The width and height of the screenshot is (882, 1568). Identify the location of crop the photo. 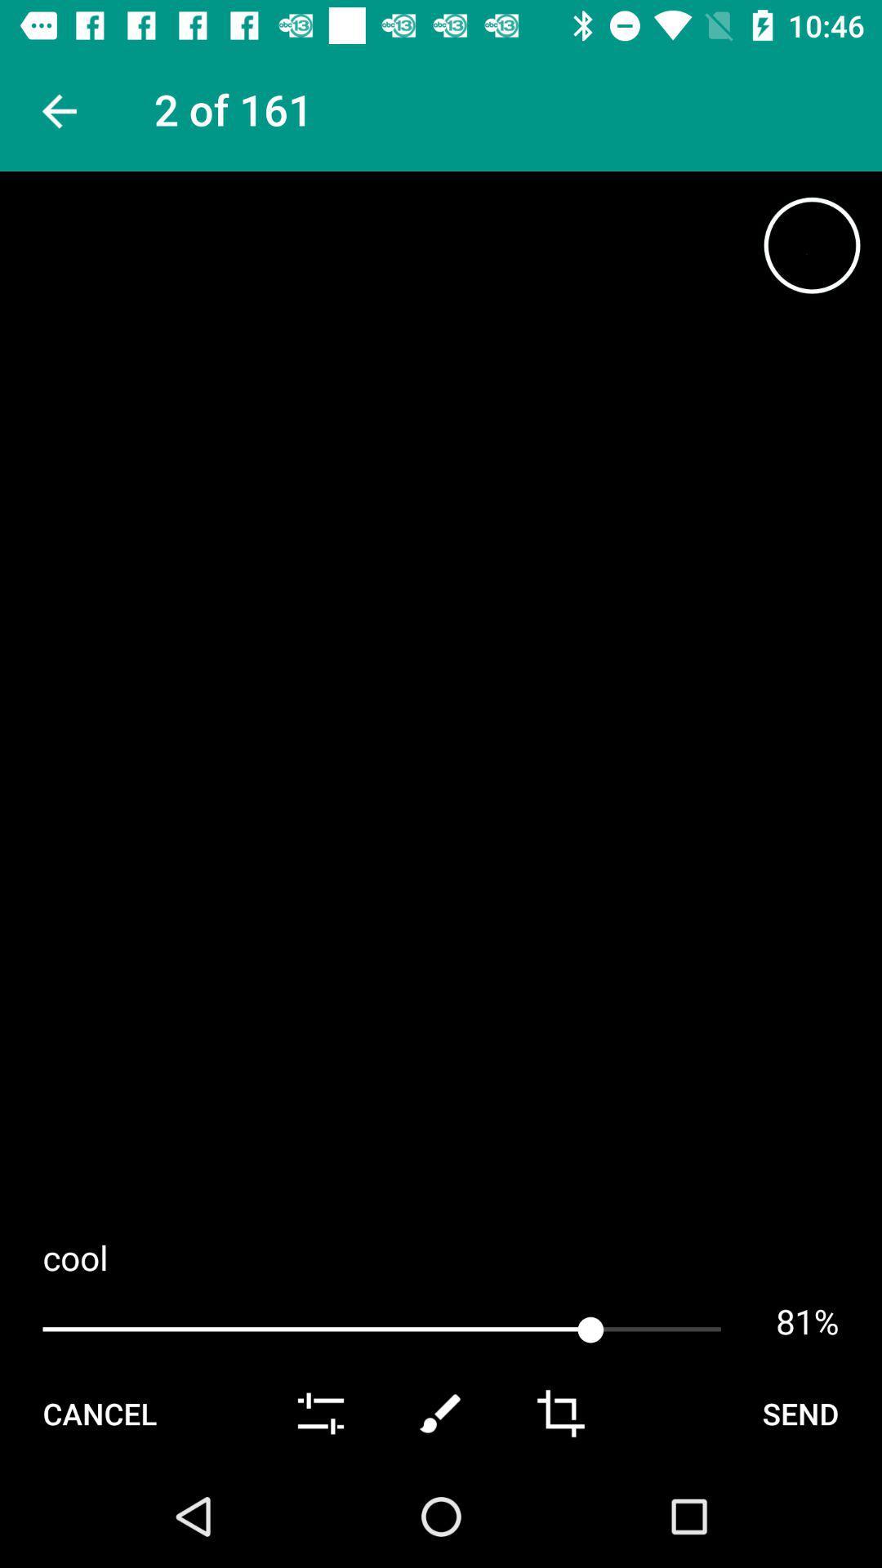
(559, 1413).